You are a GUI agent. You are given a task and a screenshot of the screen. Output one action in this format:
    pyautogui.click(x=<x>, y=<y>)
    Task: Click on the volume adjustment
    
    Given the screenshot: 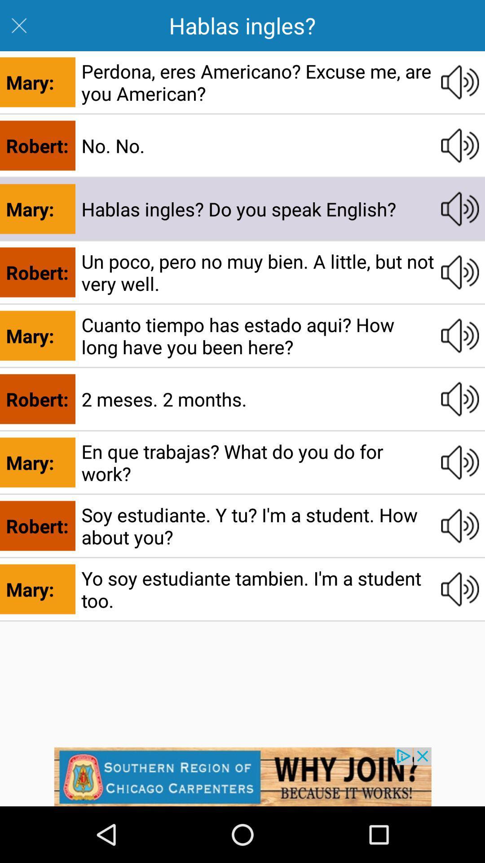 What is the action you would take?
    pyautogui.click(x=460, y=589)
    